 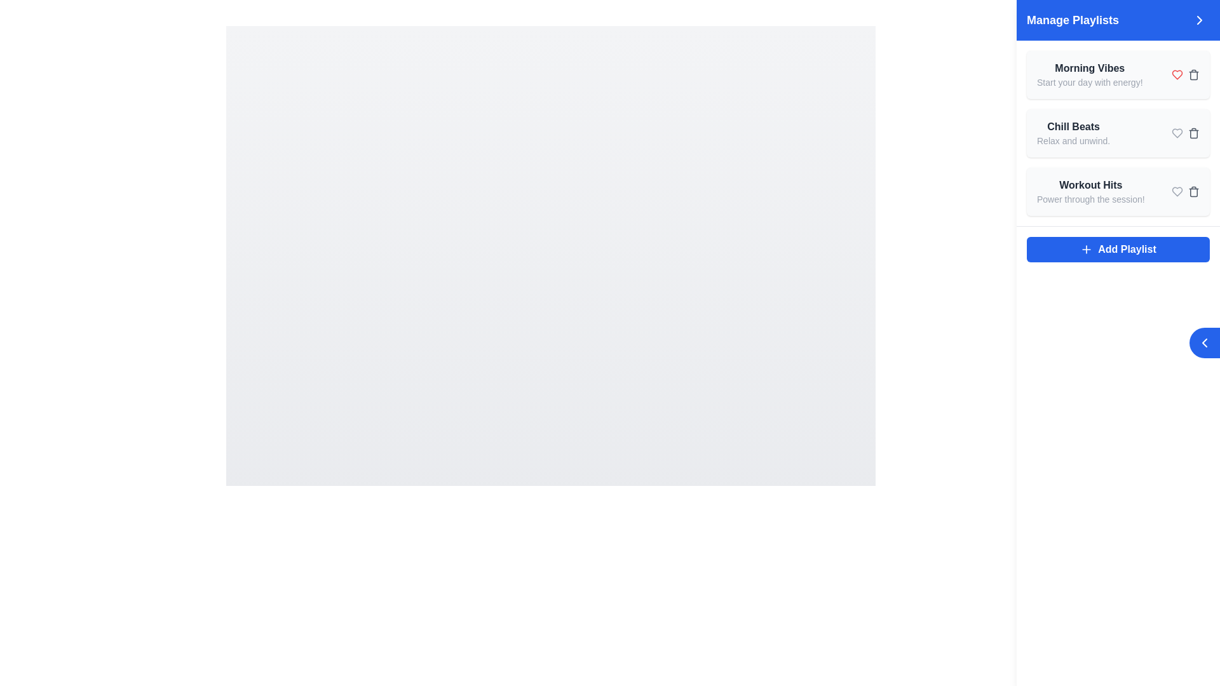 I want to click on the 'Chill Beats' playlist text display located in the second slot under 'Manage Playlists' on the right-hand panel, positioned below 'Morning Vibes' and above 'Workout Hits', so click(x=1073, y=133).